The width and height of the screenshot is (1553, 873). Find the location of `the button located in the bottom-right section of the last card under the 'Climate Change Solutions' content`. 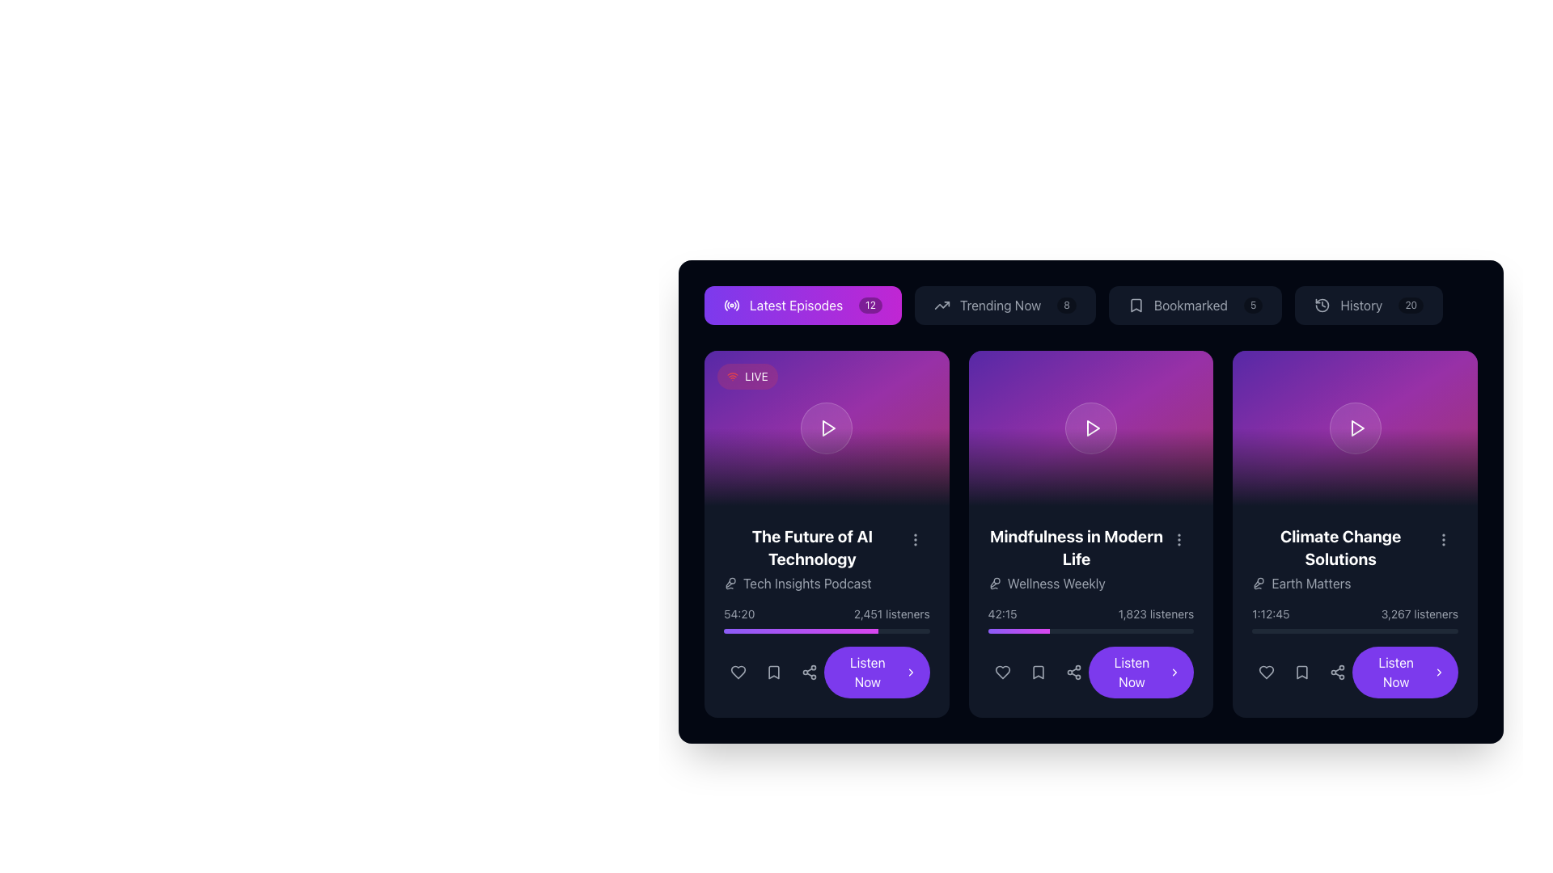

the button located in the bottom-right section of the last card under the 'Climate Change Solutions' content is located at coordinates (1355, 673).